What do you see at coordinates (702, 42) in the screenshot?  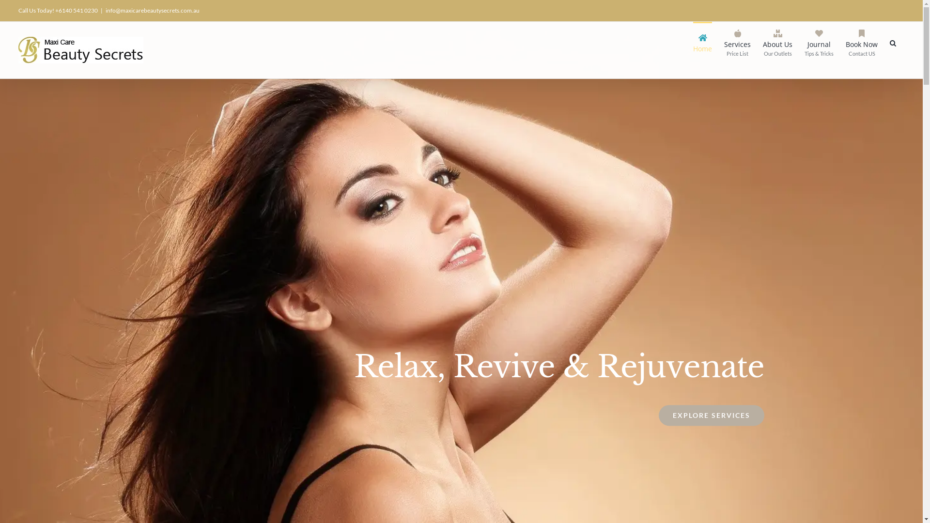 I see `'Home'` at bounding box center [702, 42].